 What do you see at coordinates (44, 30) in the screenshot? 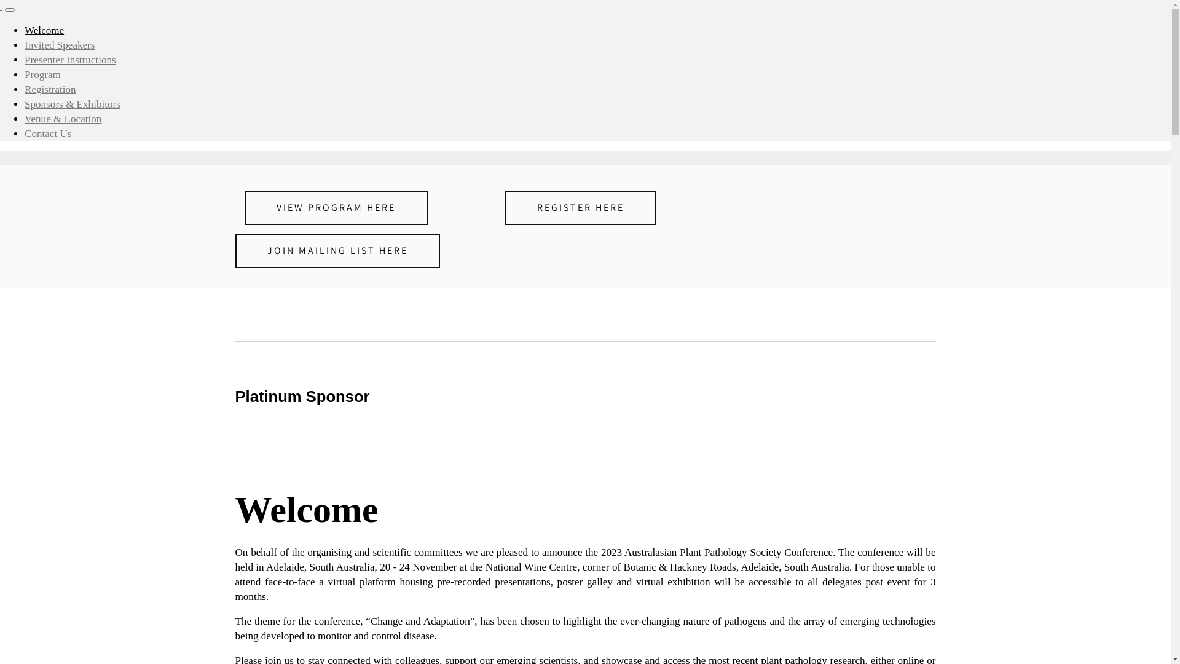
I see `'Welcome'` at bounding box center [44, 30].